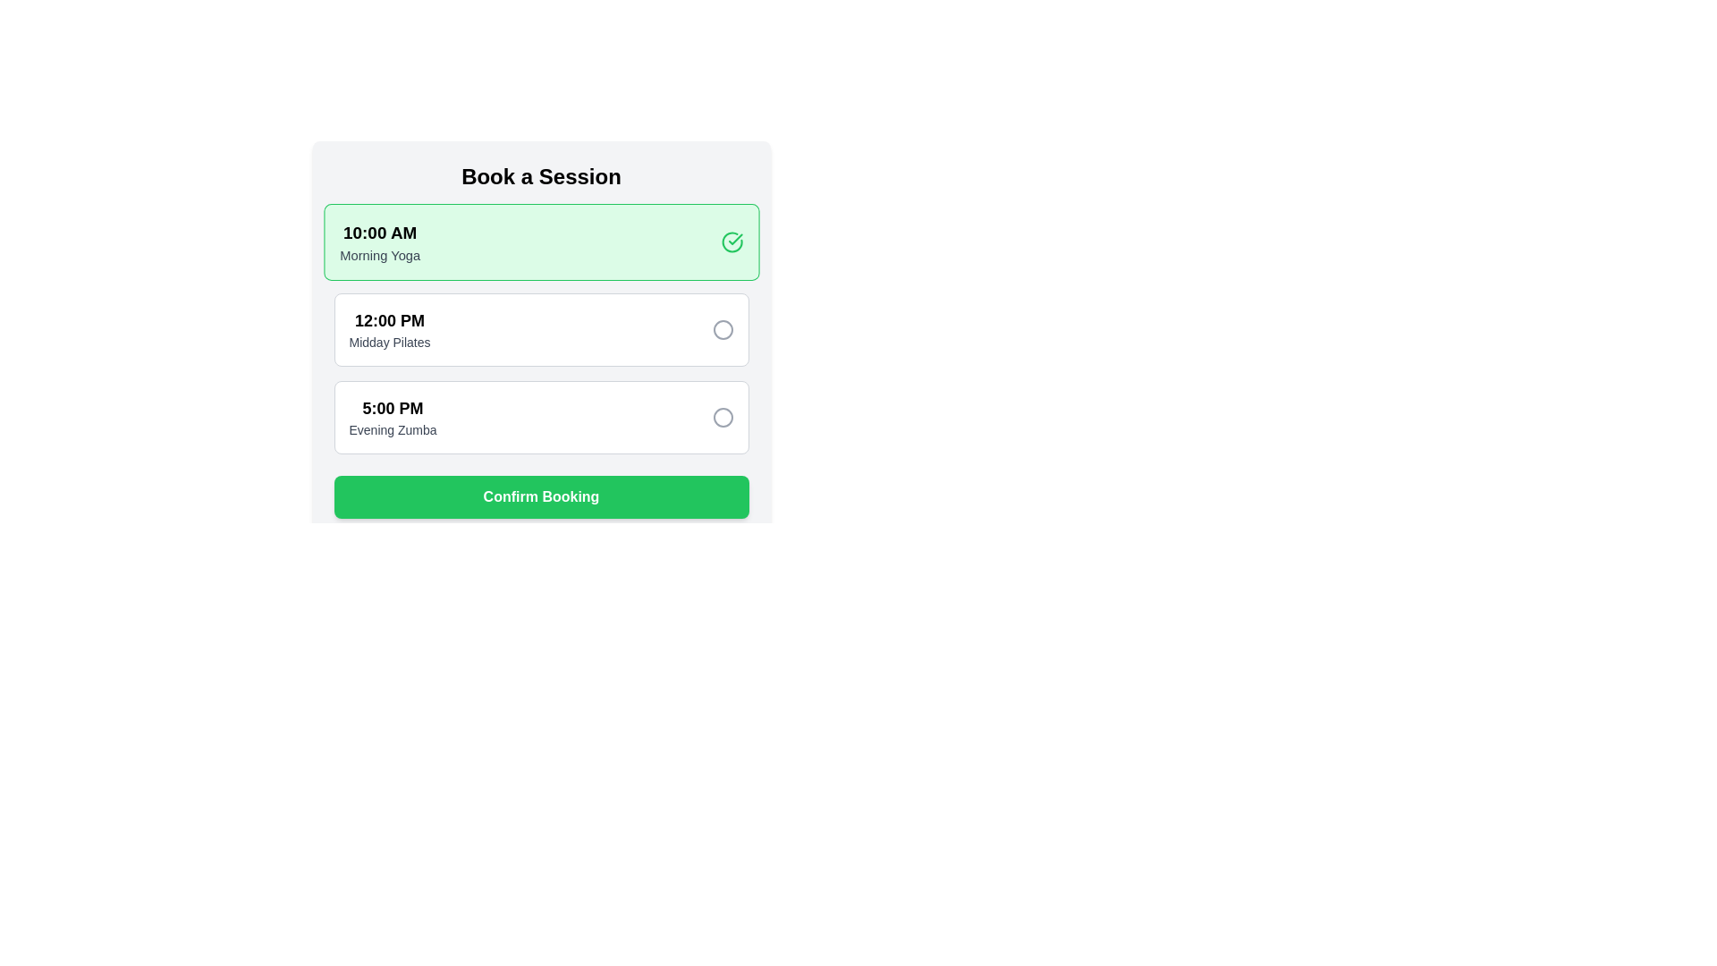  Describe the element at coordinates (389, 330) in the screenshot. I see `the Text Display with Multiple Lines that shows '12:00 PM' and 'Midday Pilates'` at that location.